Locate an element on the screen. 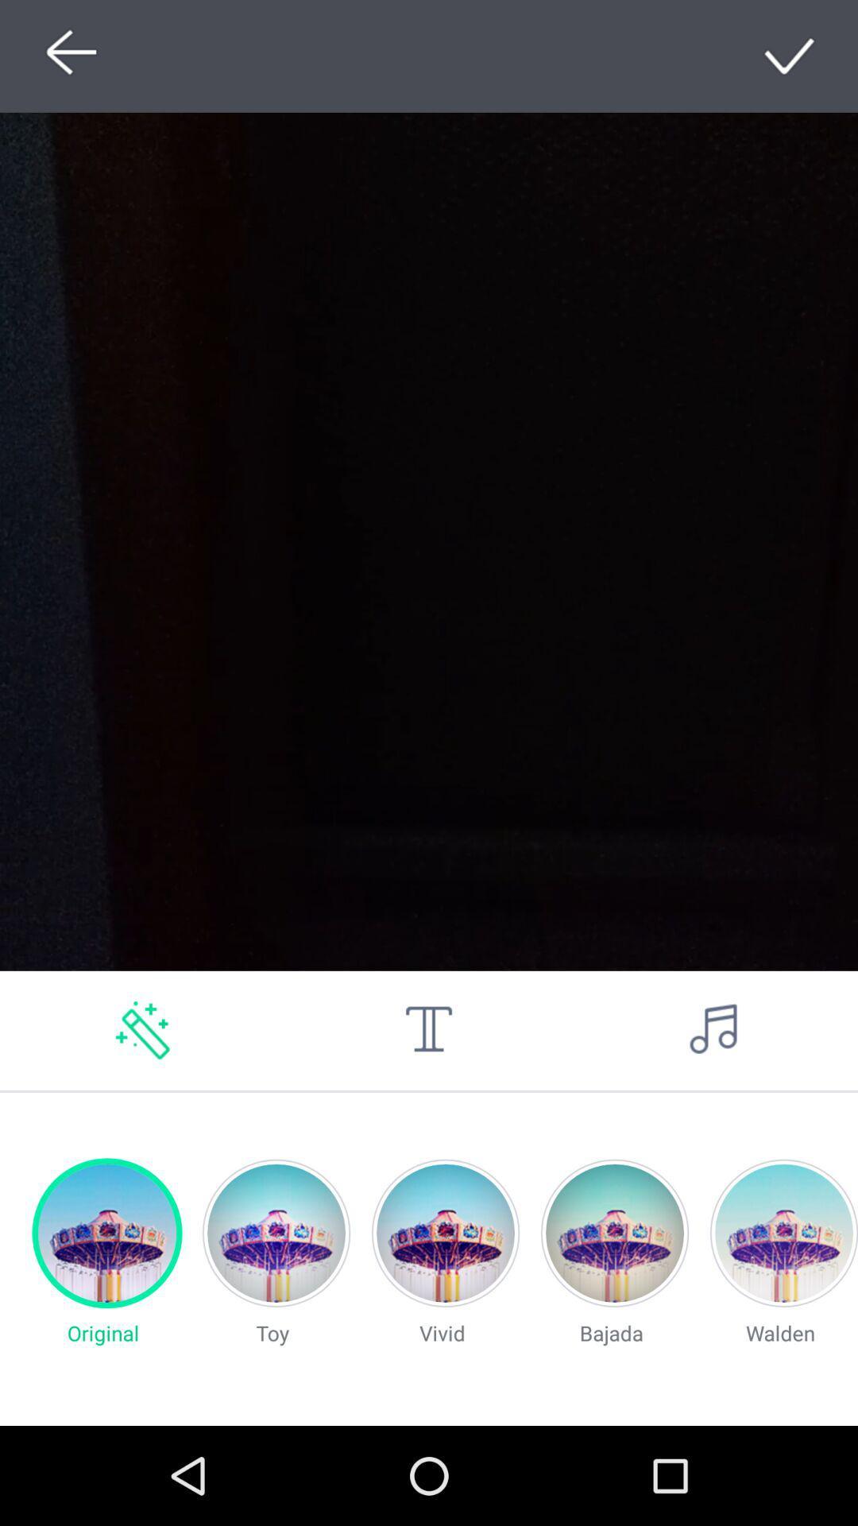 This screenshot has height=1526, width=858. go do sealt is located at coordinates (790, 56).